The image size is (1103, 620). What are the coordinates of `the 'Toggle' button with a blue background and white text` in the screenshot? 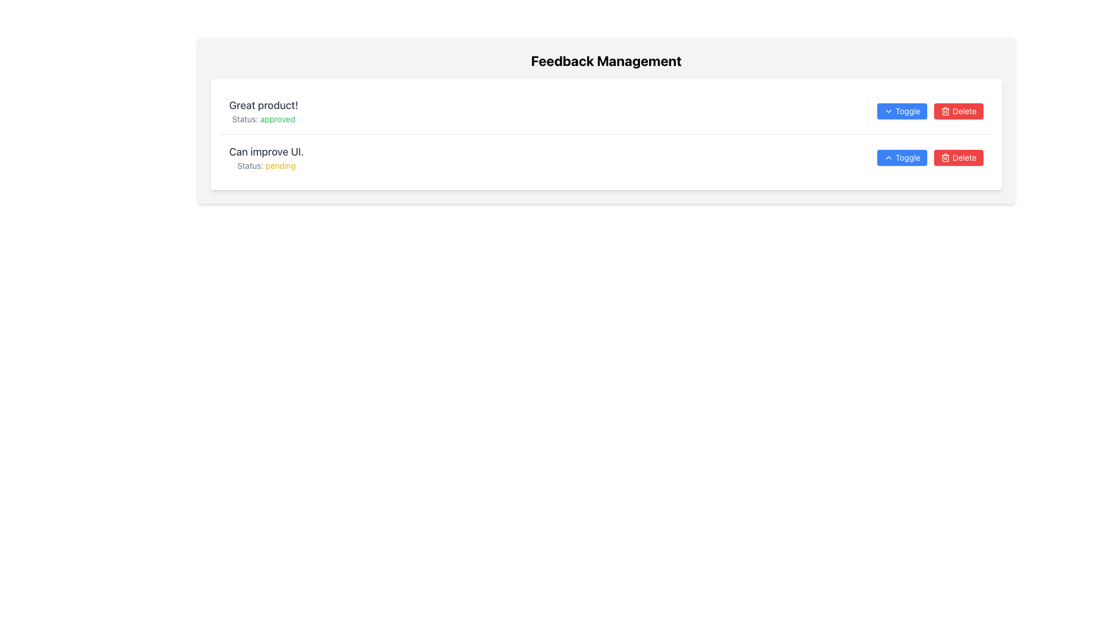 It's located at (901, 111).